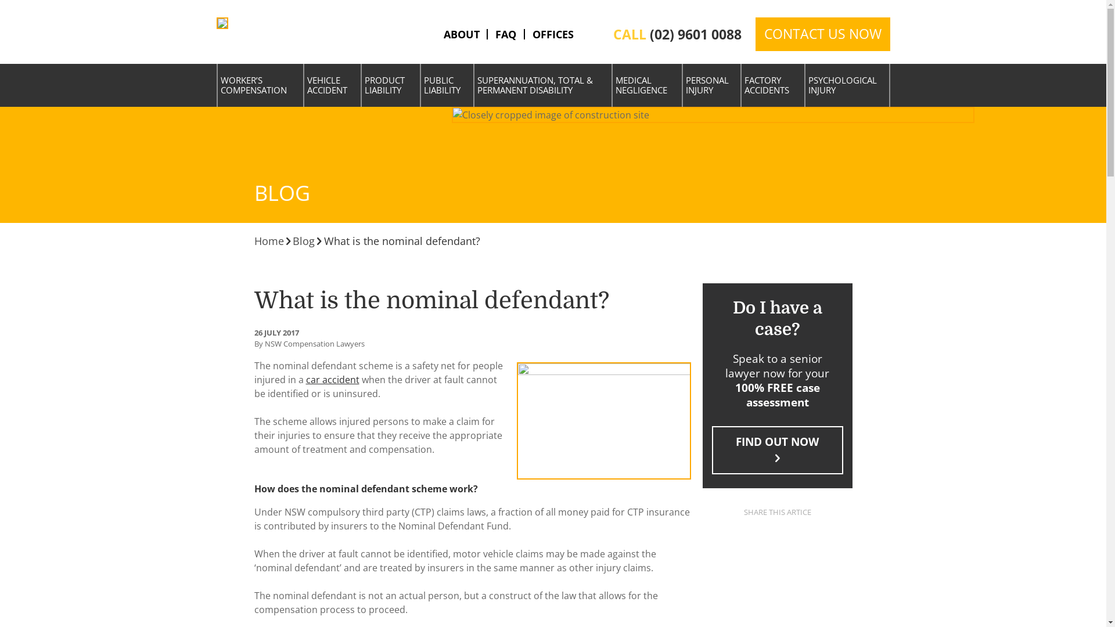 This screenshot has height=627, width=1115. Describe the element at coordinates (822, 33) in the screenshot. I see `'CONTACT US NOW'` at that location.